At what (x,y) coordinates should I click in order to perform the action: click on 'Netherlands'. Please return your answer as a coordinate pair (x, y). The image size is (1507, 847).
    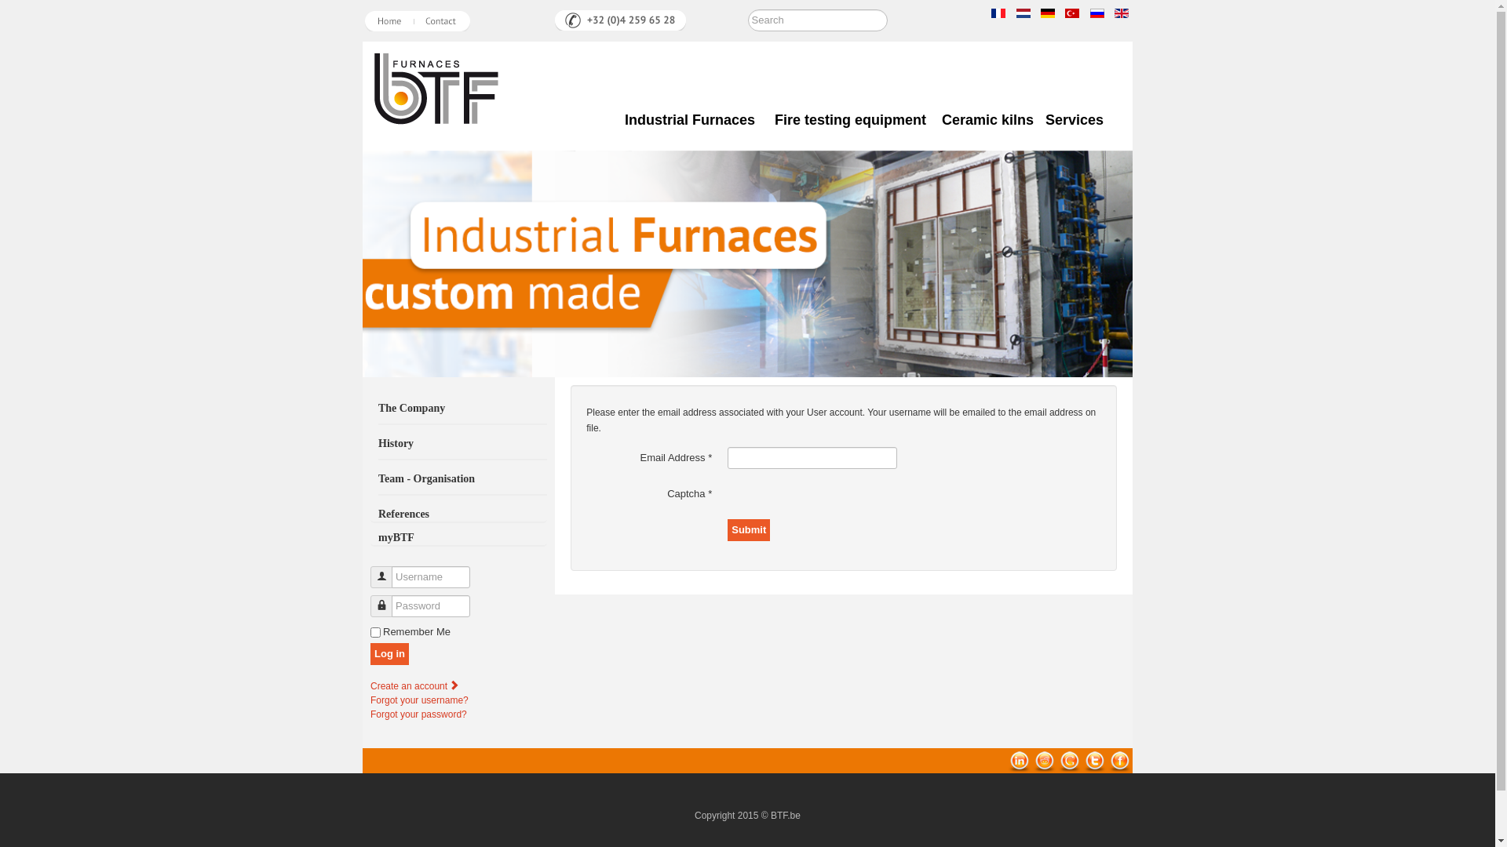
    Looking at the image, I should click on (1024, 13).